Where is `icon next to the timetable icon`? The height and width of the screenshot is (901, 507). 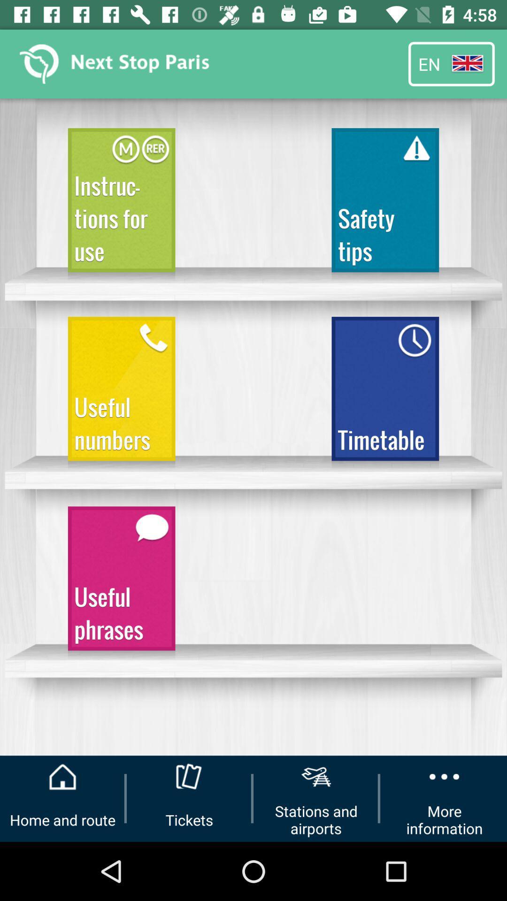
icon next to the timetable icon is located at coordinates (121, 393).